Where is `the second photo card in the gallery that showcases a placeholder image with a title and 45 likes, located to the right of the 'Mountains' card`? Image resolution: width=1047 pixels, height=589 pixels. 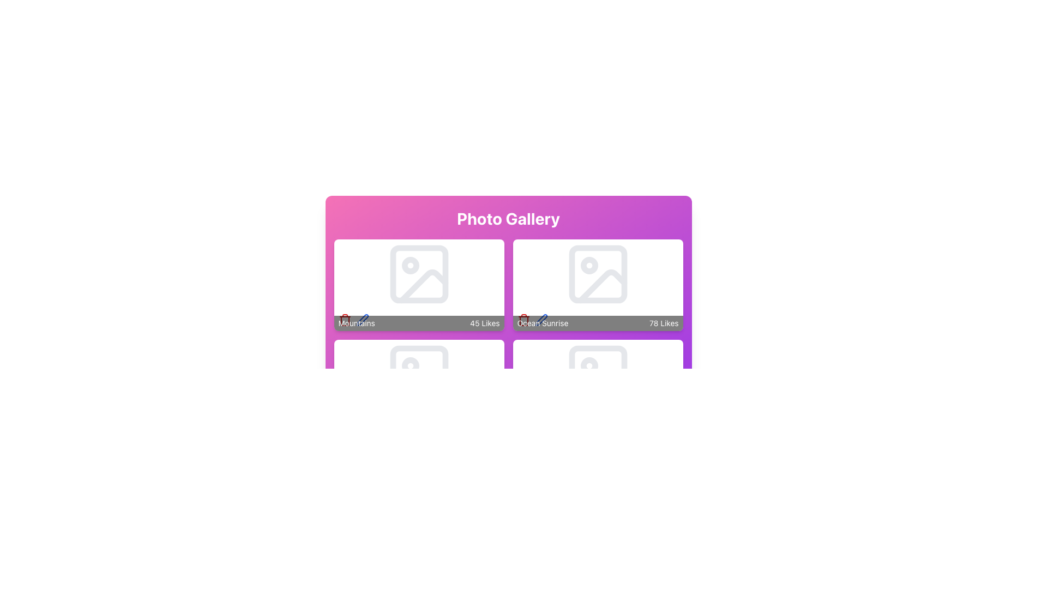 the second photo card in the gallery that showcases a placeholder image with a title and 45 likes, located to the right of the 'Mountains' card is located at coordinates (597, 285).